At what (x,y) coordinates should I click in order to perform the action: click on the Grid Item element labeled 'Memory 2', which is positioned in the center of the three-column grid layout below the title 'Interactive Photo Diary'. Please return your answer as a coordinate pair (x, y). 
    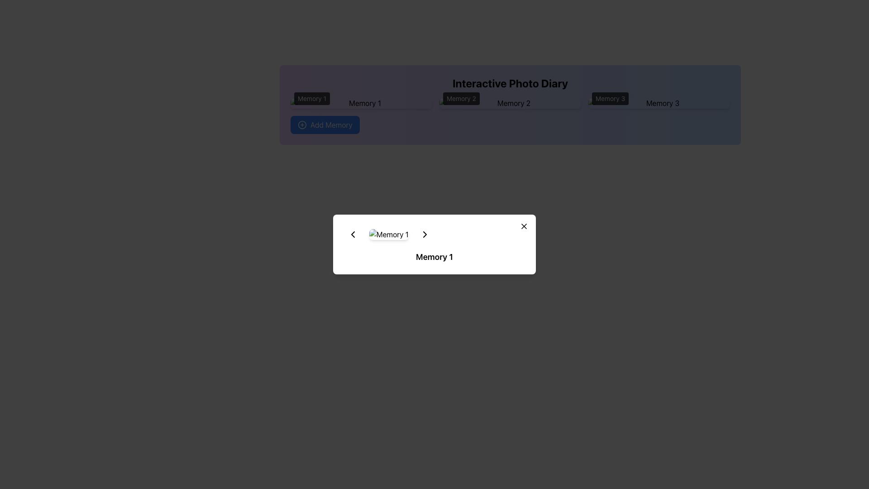
    Looking at the image, I should click on (510, 102).